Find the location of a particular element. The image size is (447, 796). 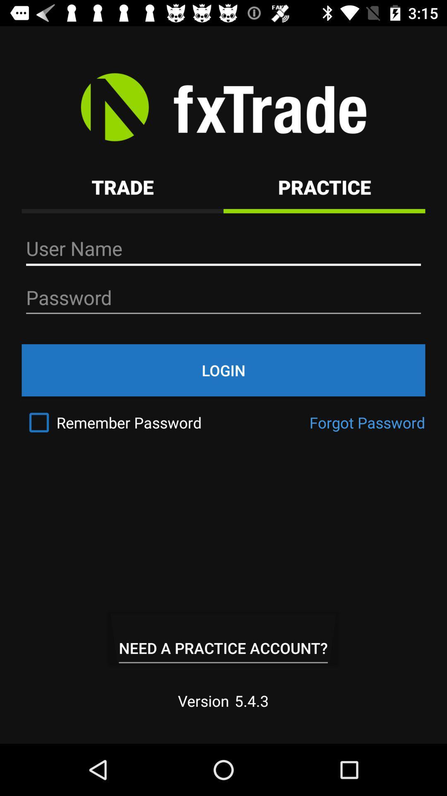

the text field of user name is located at coordinates (223, 248).